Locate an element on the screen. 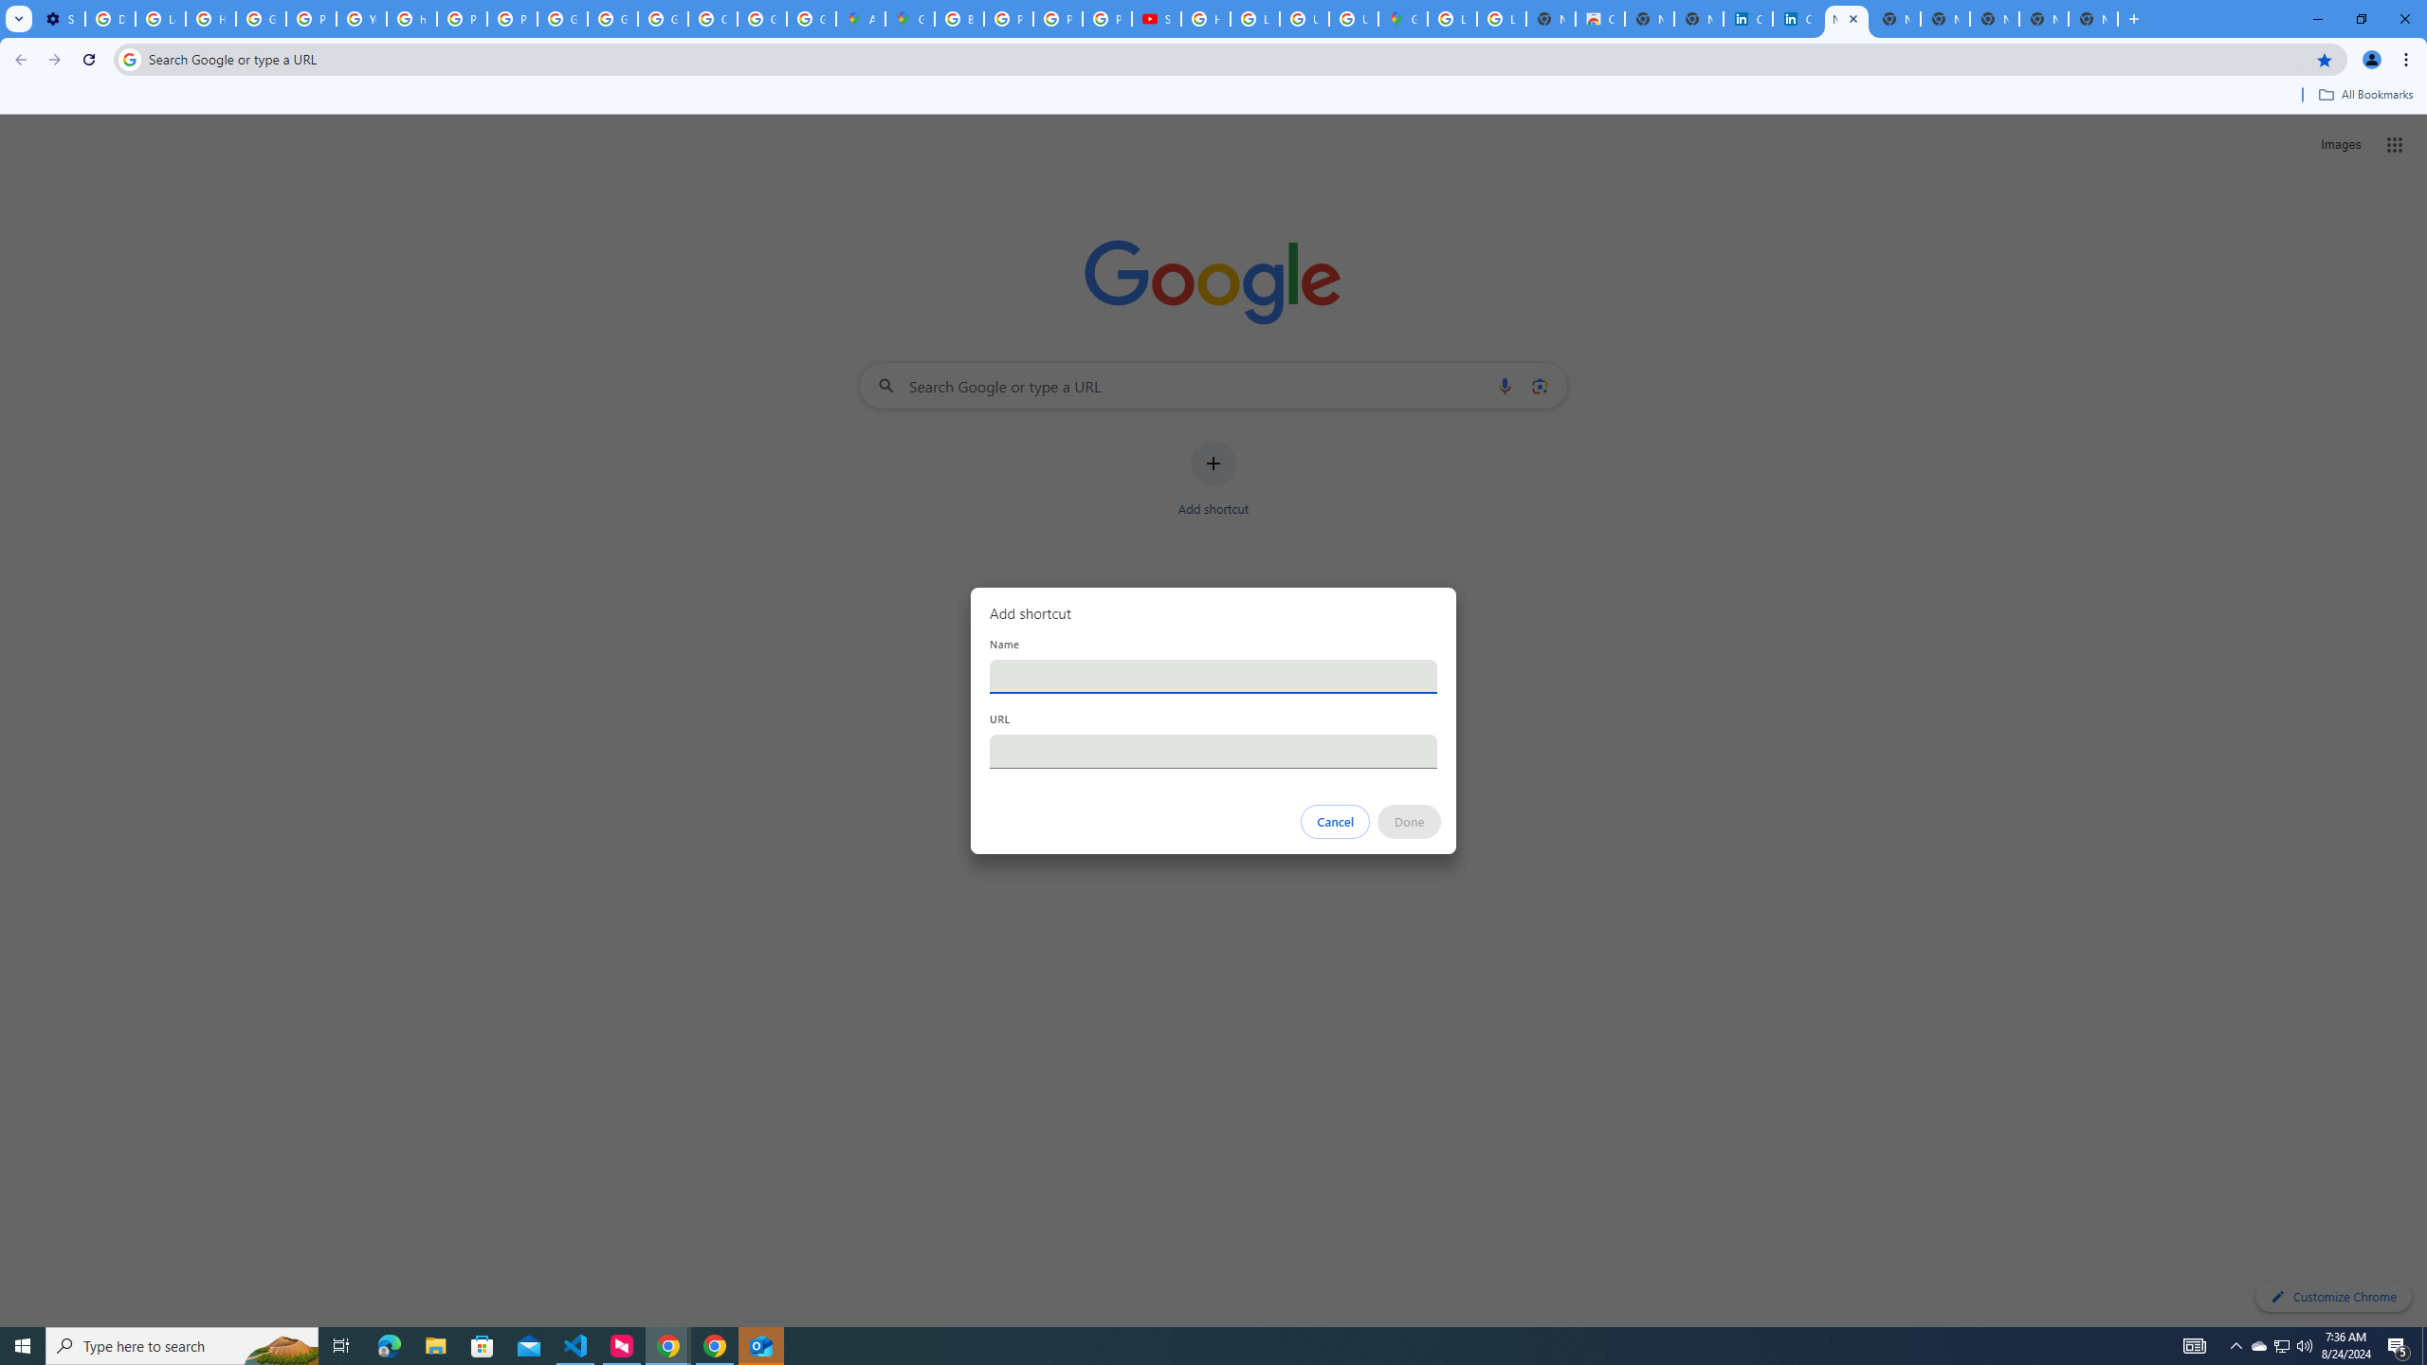 Image resolution: width=2427 pixels, height=1365 pixels. 'Name' is located at coordinates (1213, 675).